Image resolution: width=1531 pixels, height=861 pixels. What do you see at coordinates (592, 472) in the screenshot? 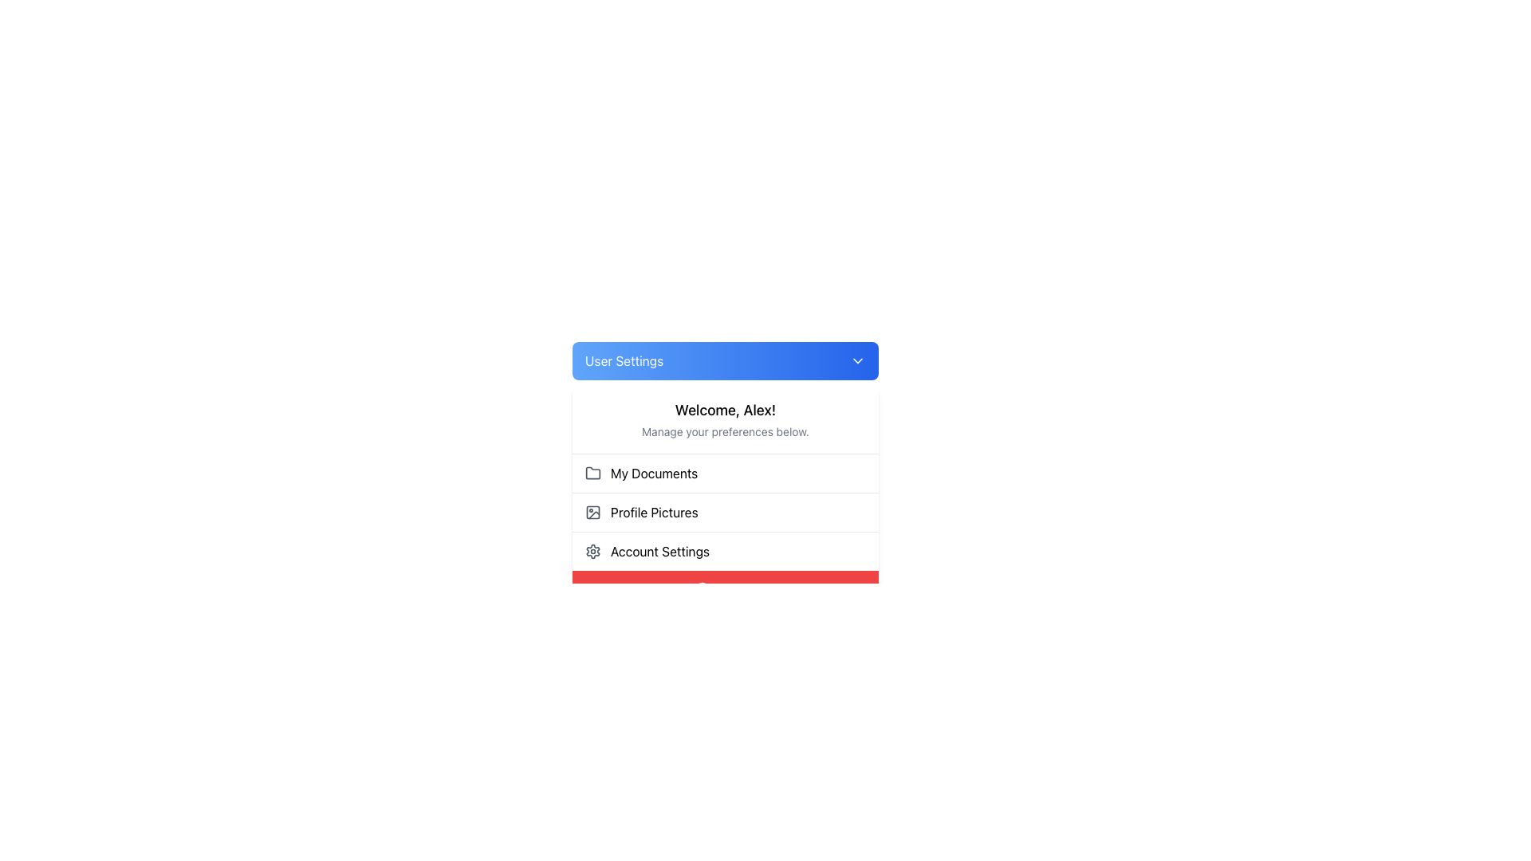
I see `the small gray folder-shaped icon located to the left of the 'My Documents' list item, which is the first icon in the vertical list` at bounding box center [592, 472].